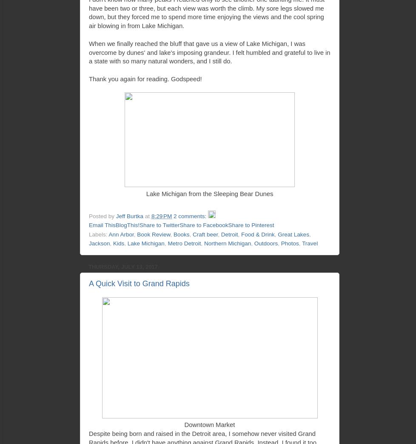  I want to click on 'Outdoors', so click(266, 243).